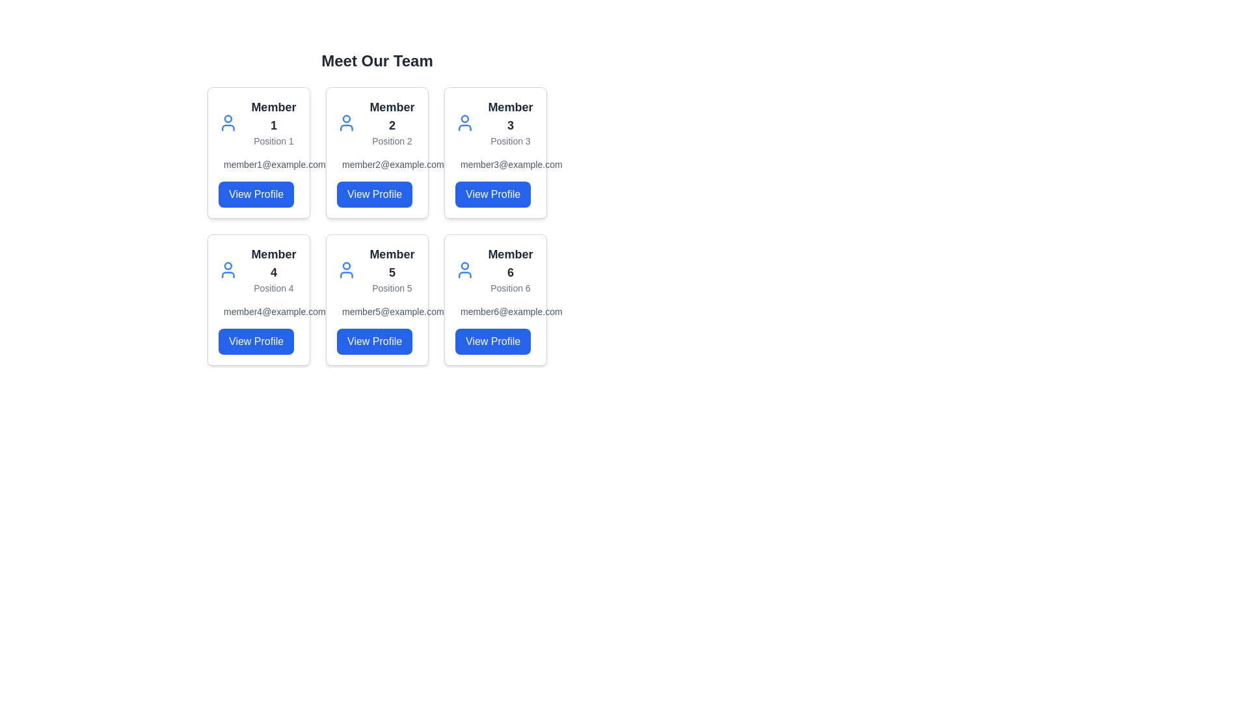 The height and width of the screenshot is (703, 1249). What do you see at coordinates (228, 265) in the screenshot?
I see `the circular graphical component located at the top center of the user profile icon for 'Member 4' in the second row of the team member display grid` at bounding box center [228, 265].